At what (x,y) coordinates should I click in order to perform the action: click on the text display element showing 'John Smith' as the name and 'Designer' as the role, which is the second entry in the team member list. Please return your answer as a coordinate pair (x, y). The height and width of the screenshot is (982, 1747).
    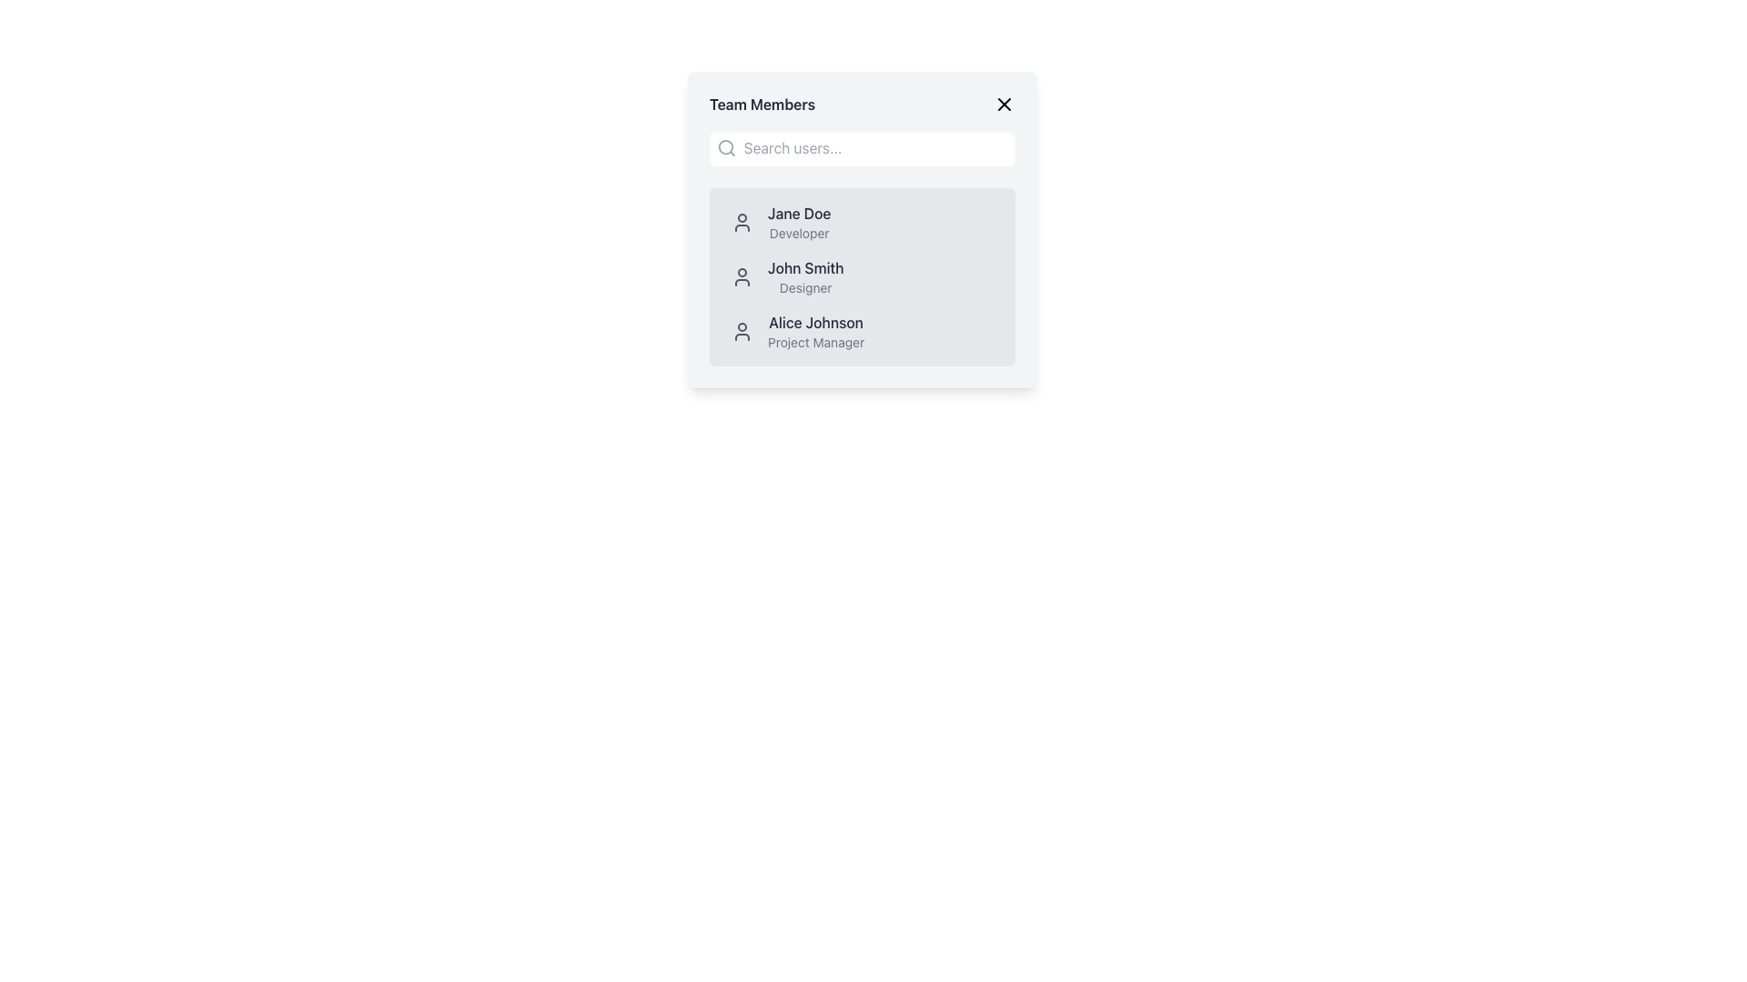
    Looking at the image, I should click on (804, 276).